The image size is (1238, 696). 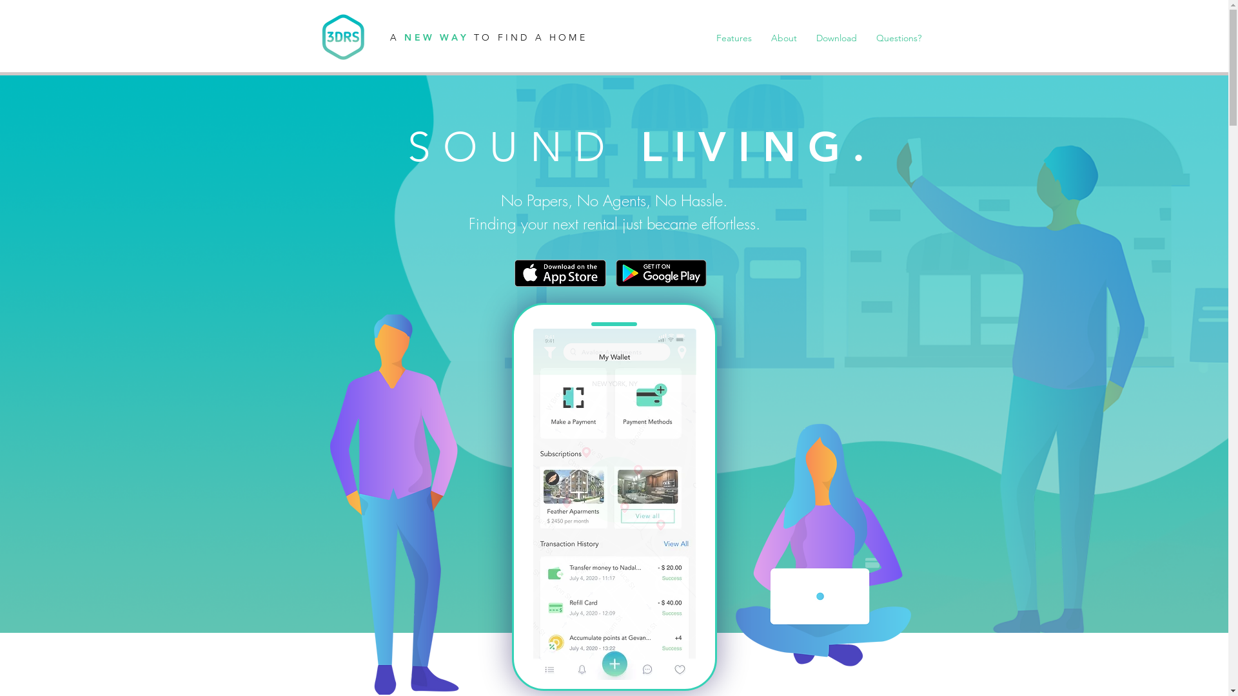 I want to click on 'Features', so click(x=734, y=37).